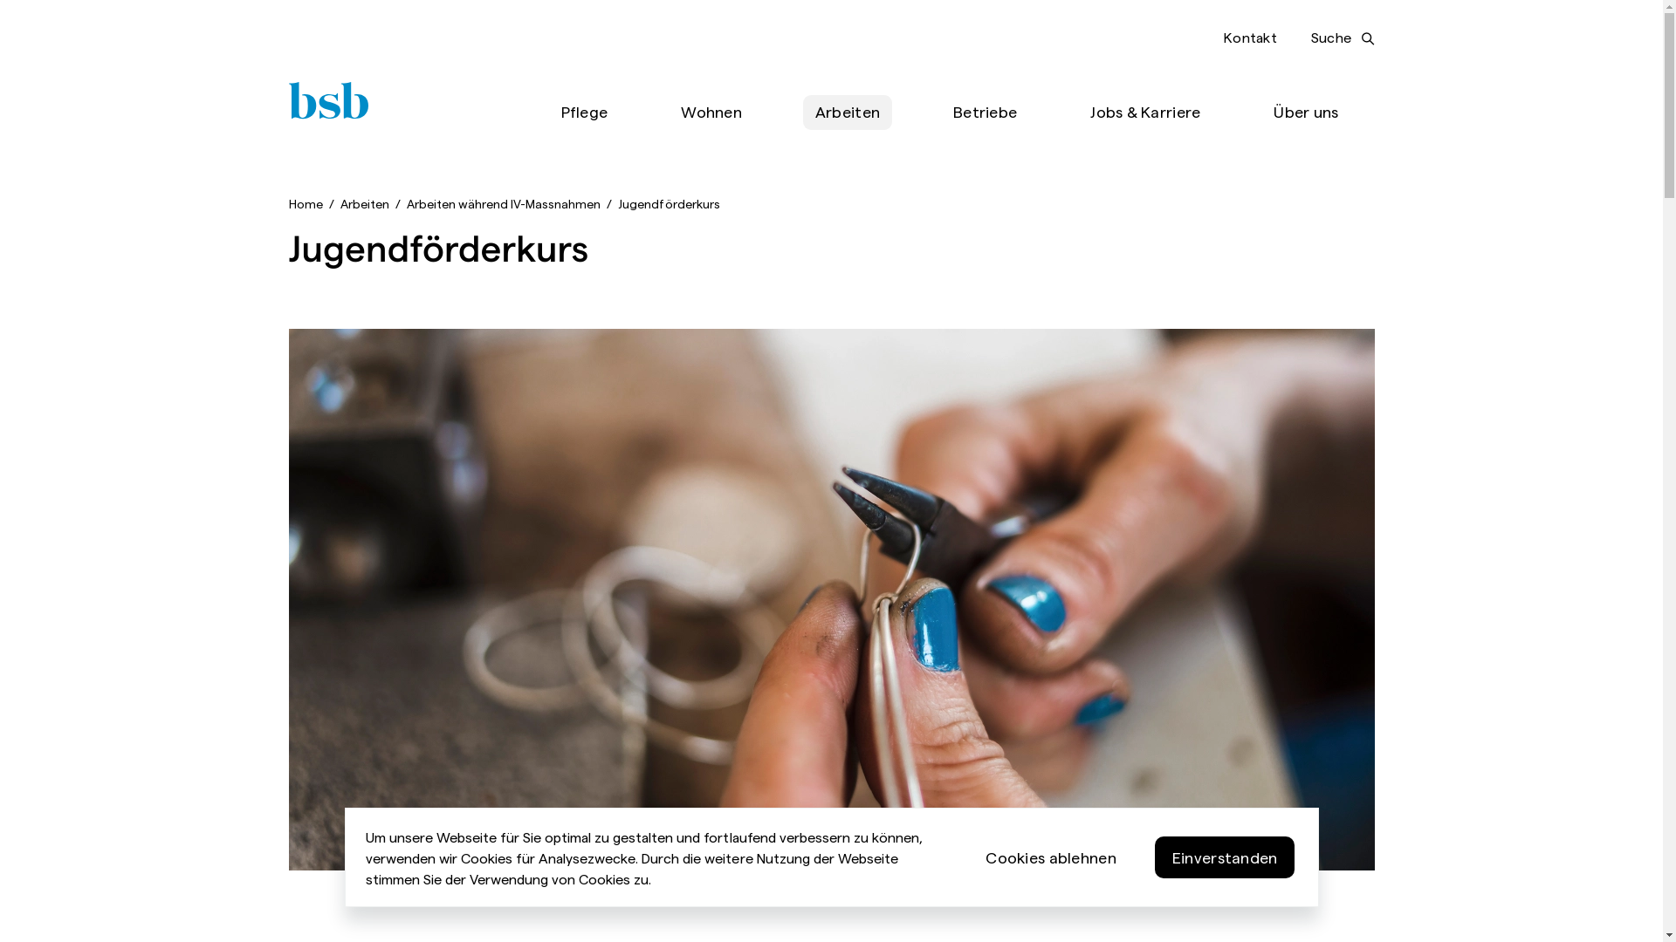  What do you see at coordinates (1342, 38) in the screenshot?
I see `'Suche'` at bounding box center [1342, 38].